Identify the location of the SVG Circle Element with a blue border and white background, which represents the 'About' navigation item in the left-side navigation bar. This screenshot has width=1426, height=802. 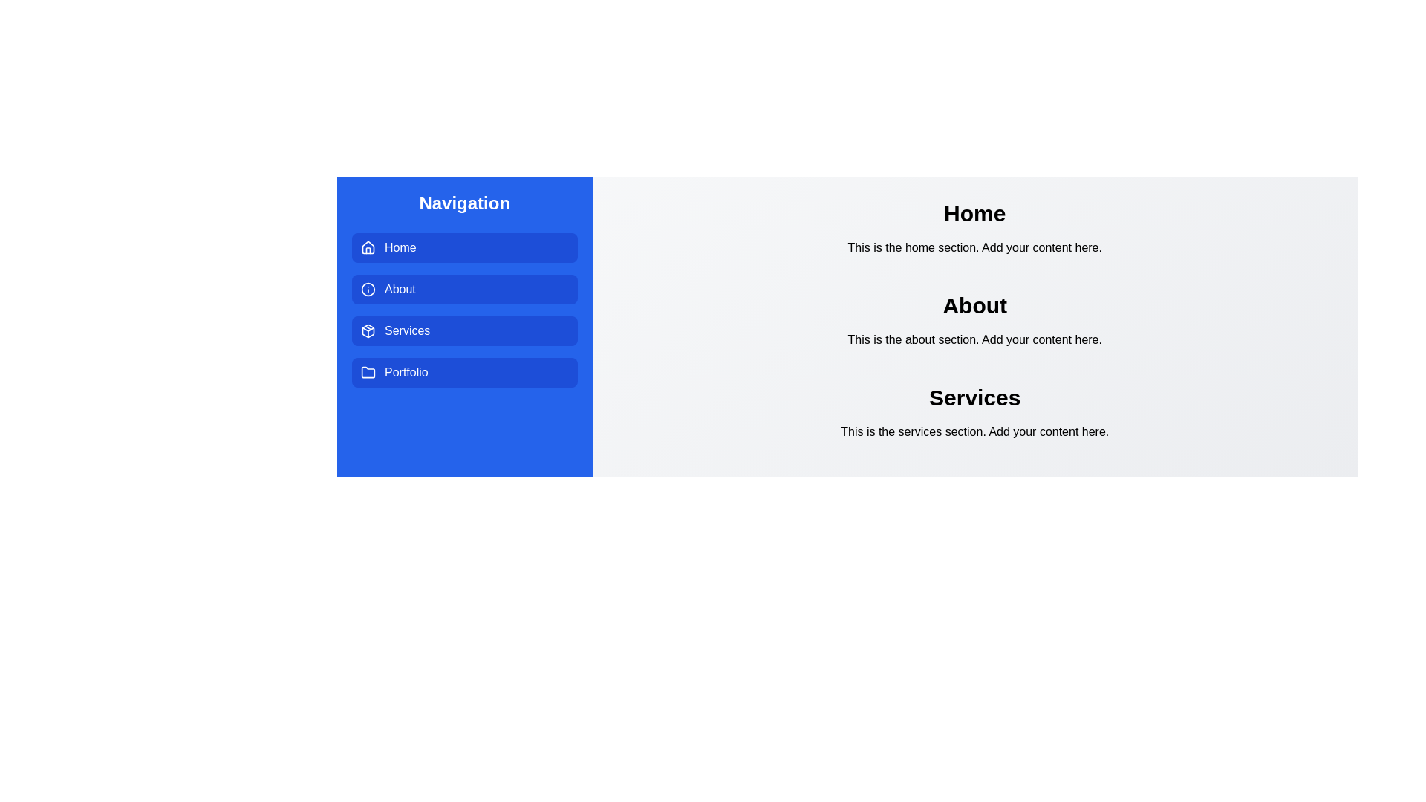
(368, 289).